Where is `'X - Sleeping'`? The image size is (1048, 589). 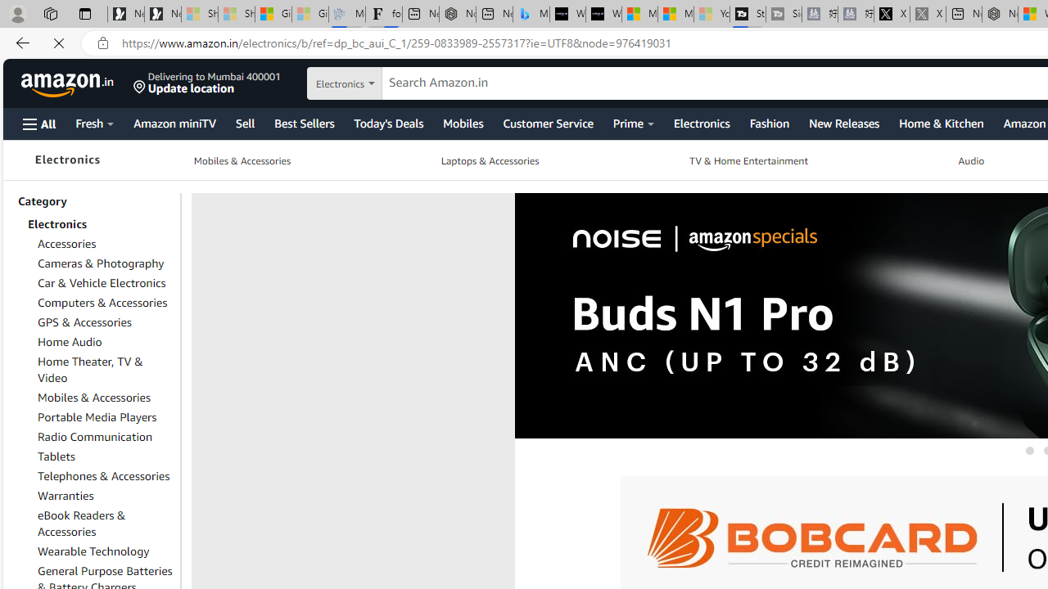
'X - Sleeping' is located at coordinates (928, 14).